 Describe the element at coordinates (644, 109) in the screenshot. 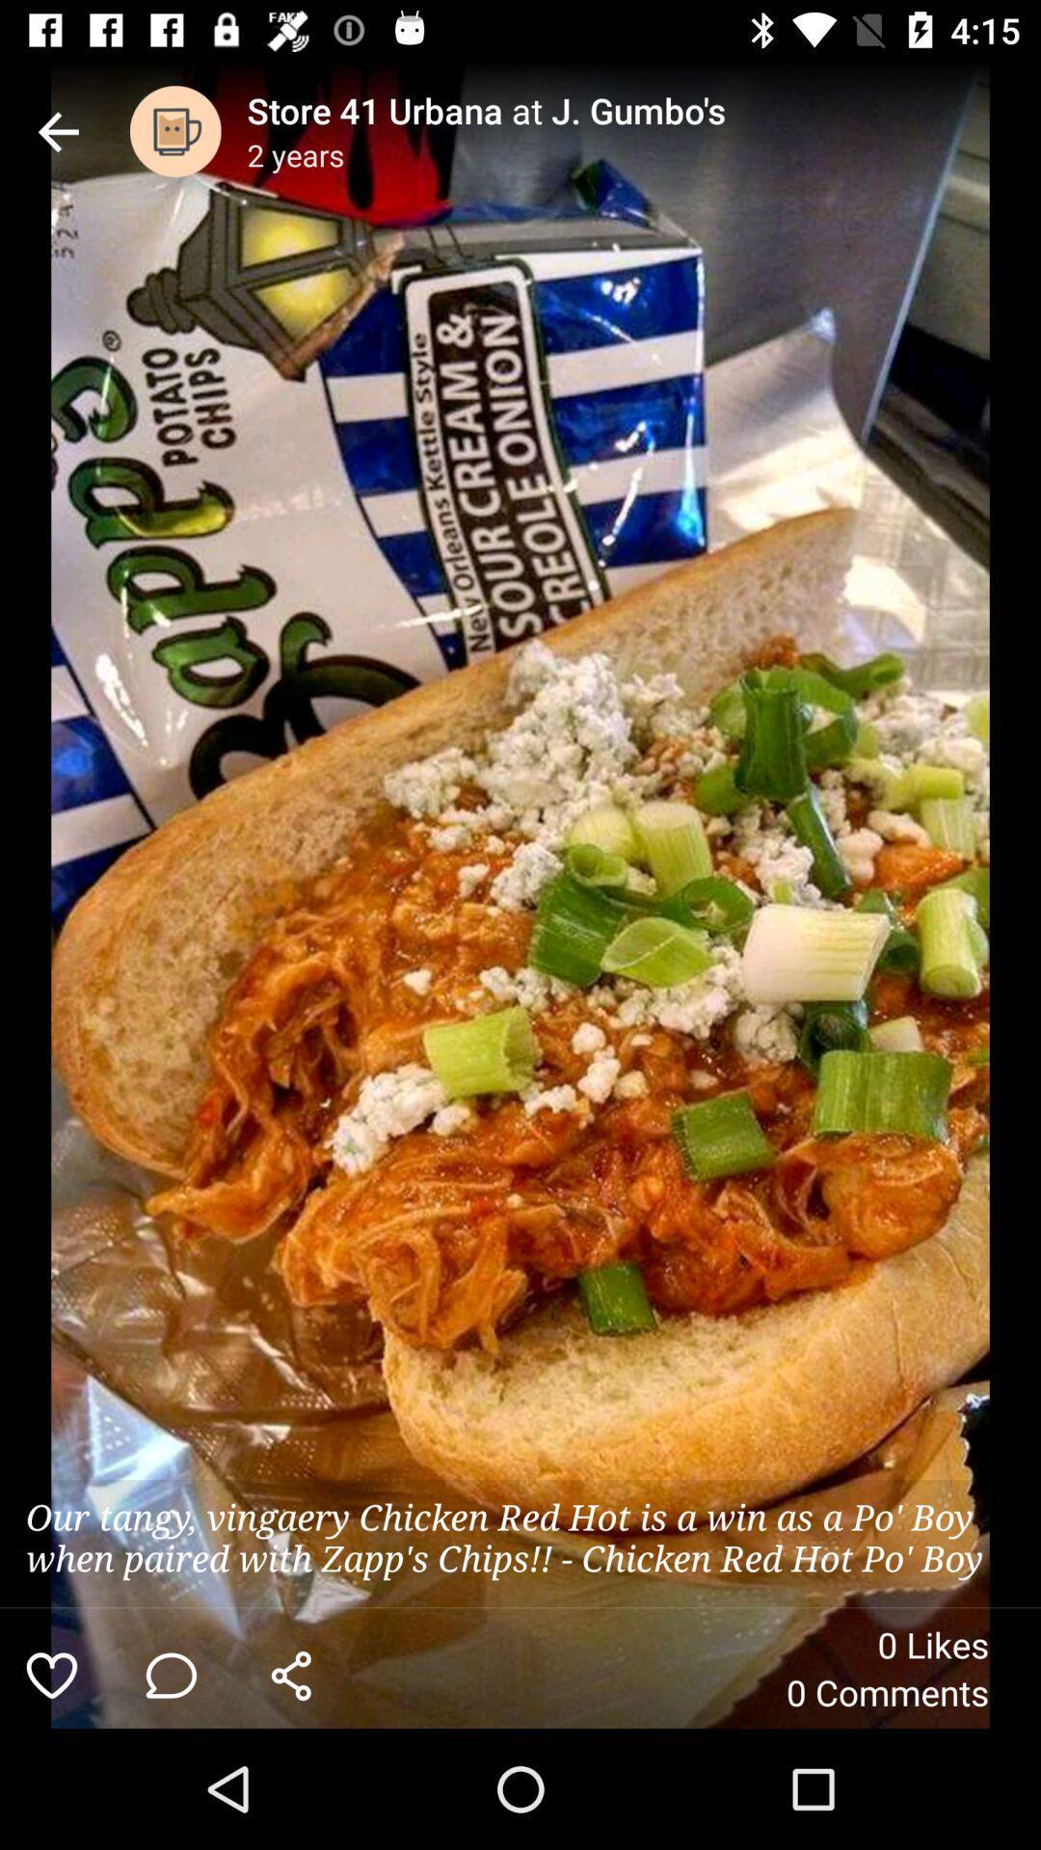

I see `item above 2 years item` at that location.